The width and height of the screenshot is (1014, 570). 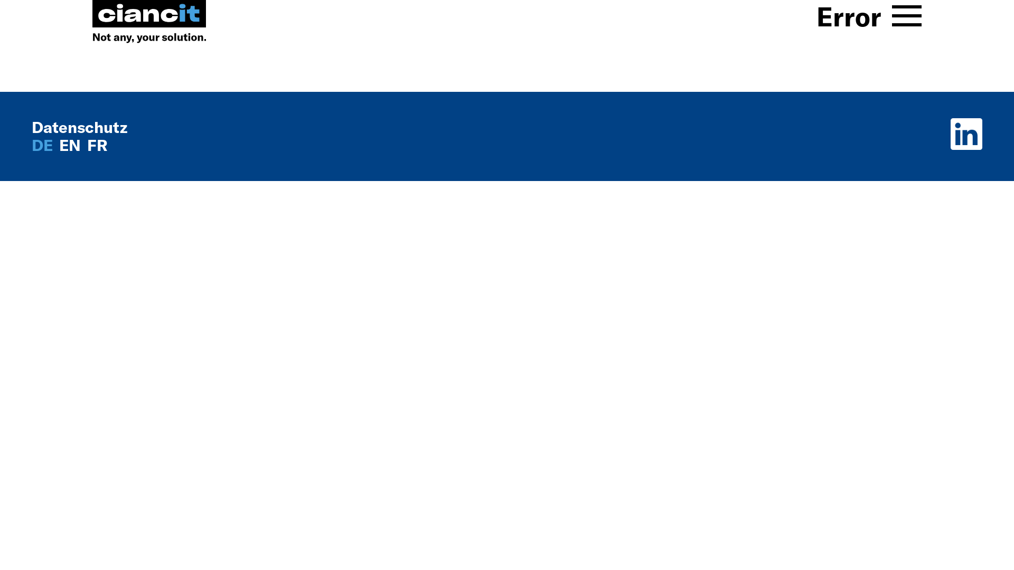 I want to click on 'EN', so click(x=71, y=145).